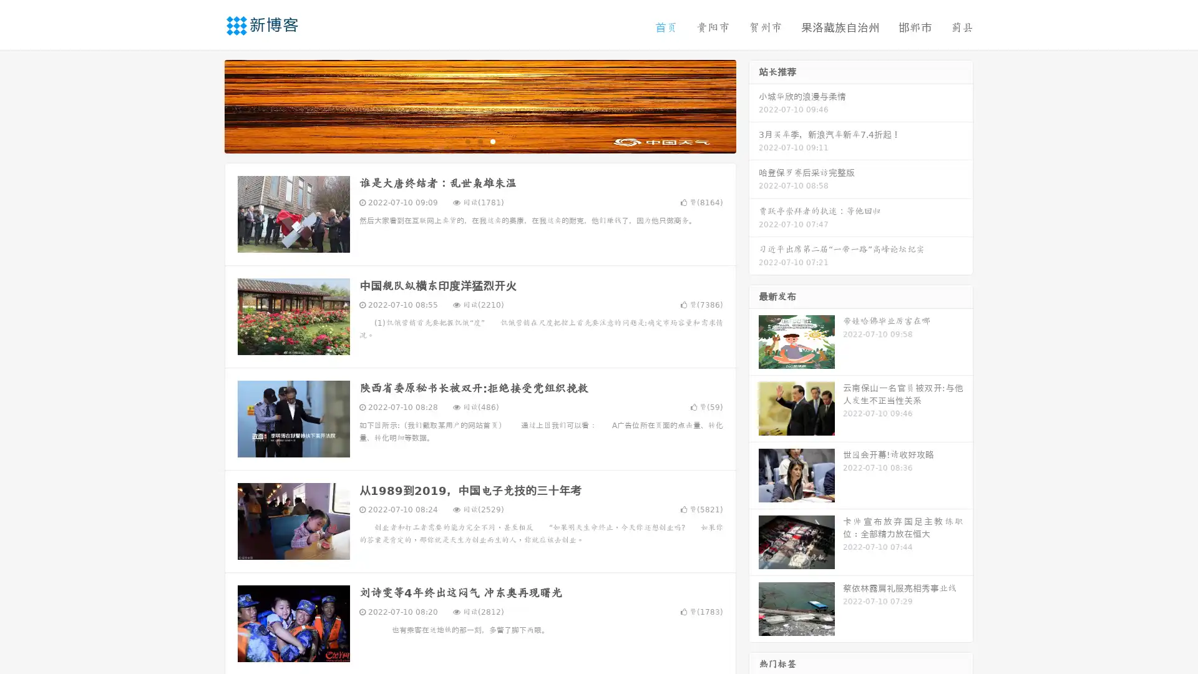 The width and height of the screenshot is (1198, 674). Describe the element at coordinates (754, 105) in the screenshot. I see `Next slide` at that location.